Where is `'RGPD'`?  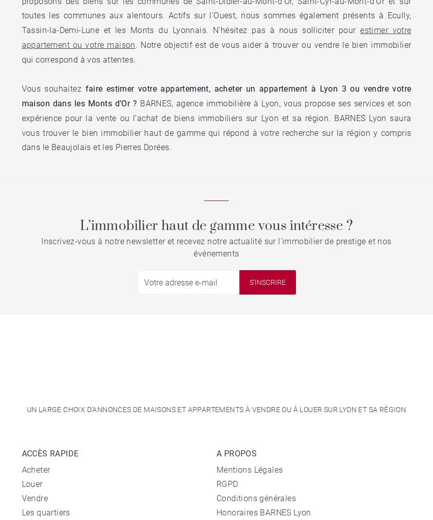
'RGPD' is located at coordinates (216, 483).